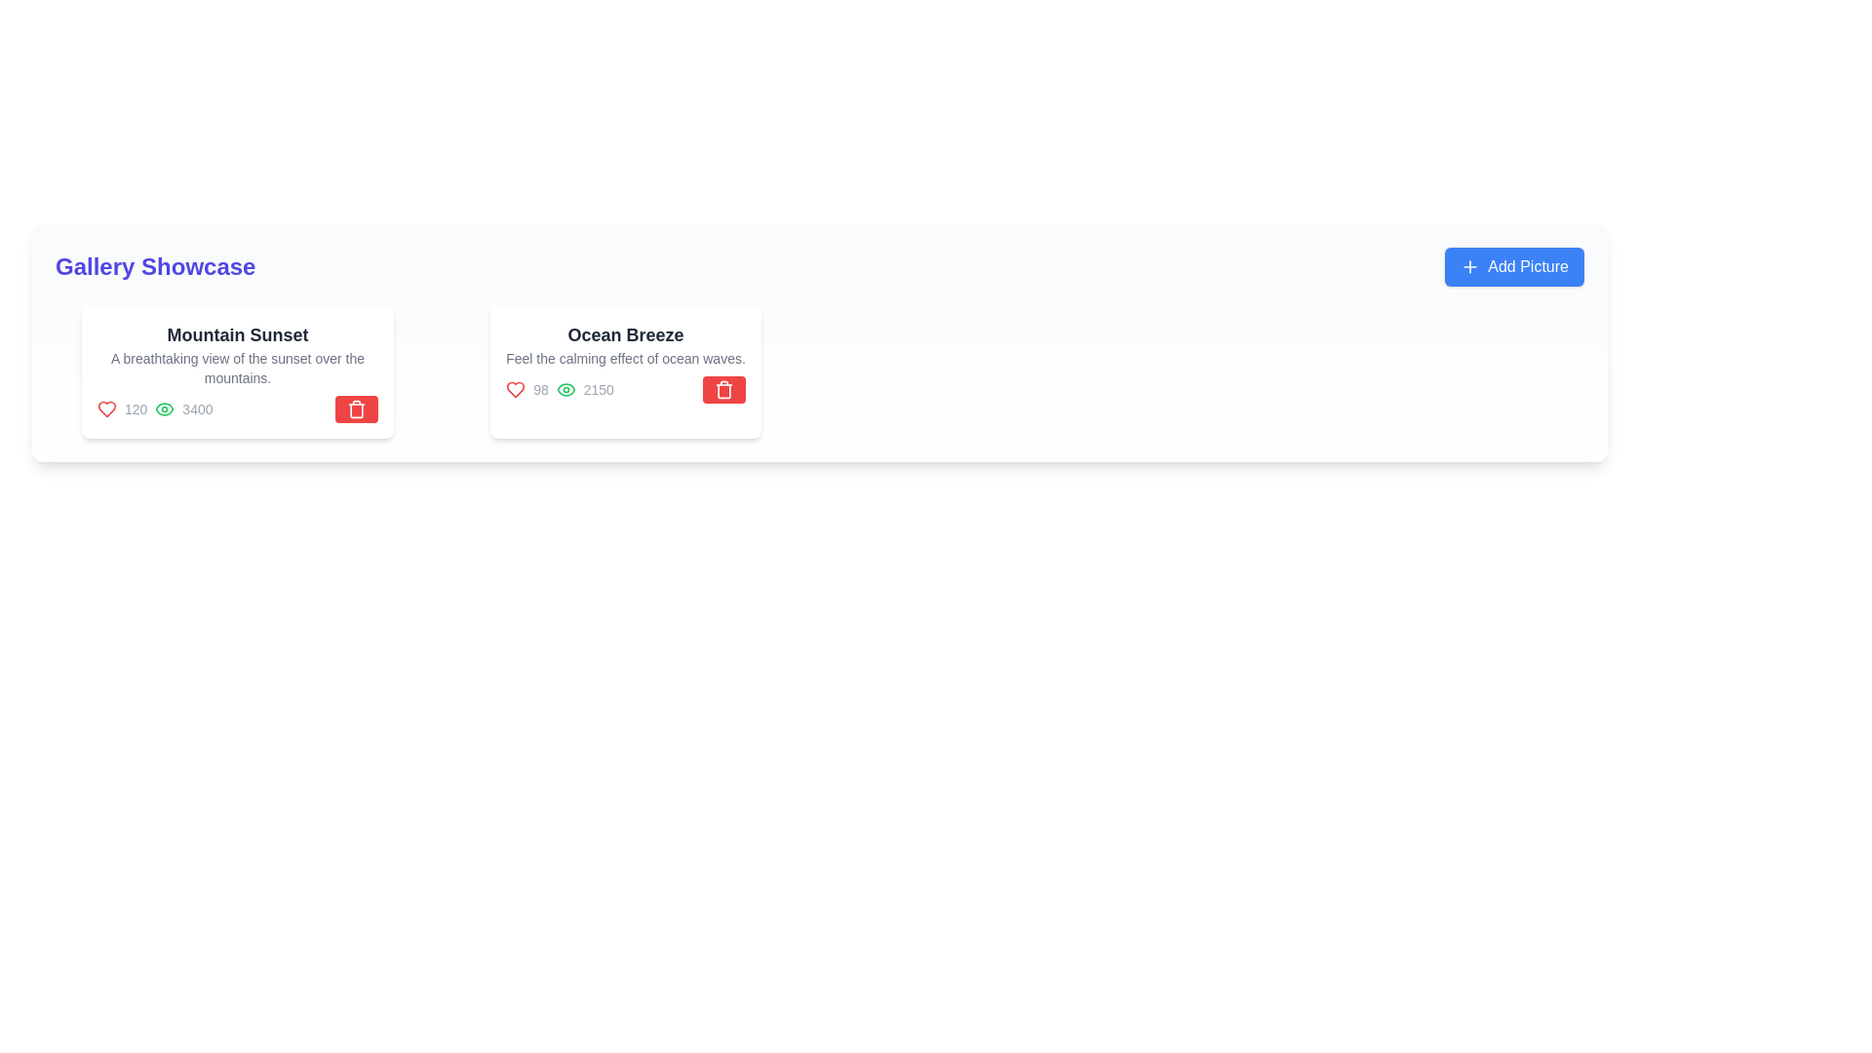 Image resolution: width=1872 pixels, height=1053 pixels. What do you see at coordinates (722, 390) in the screenshot?
I see `the compact trash icon within the red button located at the bottom right corner of the 'Ocean Breeze' card` at bounding box center [722, 390].